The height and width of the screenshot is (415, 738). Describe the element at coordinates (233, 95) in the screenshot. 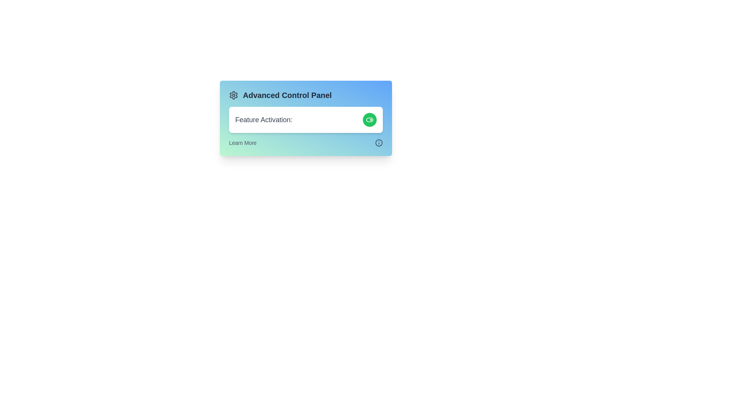

I see `the settings icon in the header to open the configuration options` at that location.